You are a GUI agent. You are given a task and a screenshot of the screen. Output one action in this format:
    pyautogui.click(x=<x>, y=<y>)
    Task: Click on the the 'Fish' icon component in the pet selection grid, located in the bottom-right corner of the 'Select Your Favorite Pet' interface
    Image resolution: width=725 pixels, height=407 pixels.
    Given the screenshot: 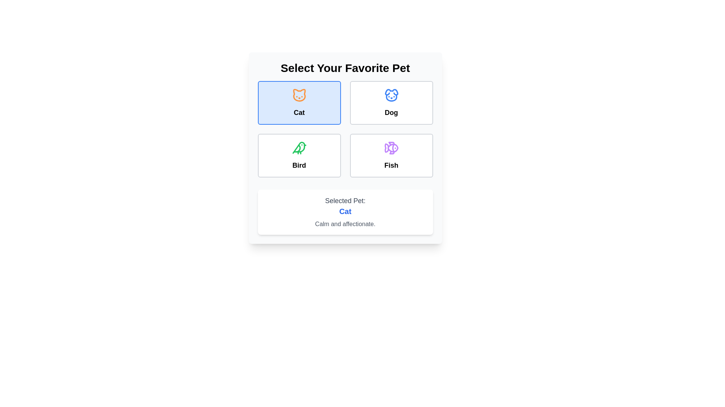 What is the action you would take?
    pyautogui.click(x=386, y=148)
    